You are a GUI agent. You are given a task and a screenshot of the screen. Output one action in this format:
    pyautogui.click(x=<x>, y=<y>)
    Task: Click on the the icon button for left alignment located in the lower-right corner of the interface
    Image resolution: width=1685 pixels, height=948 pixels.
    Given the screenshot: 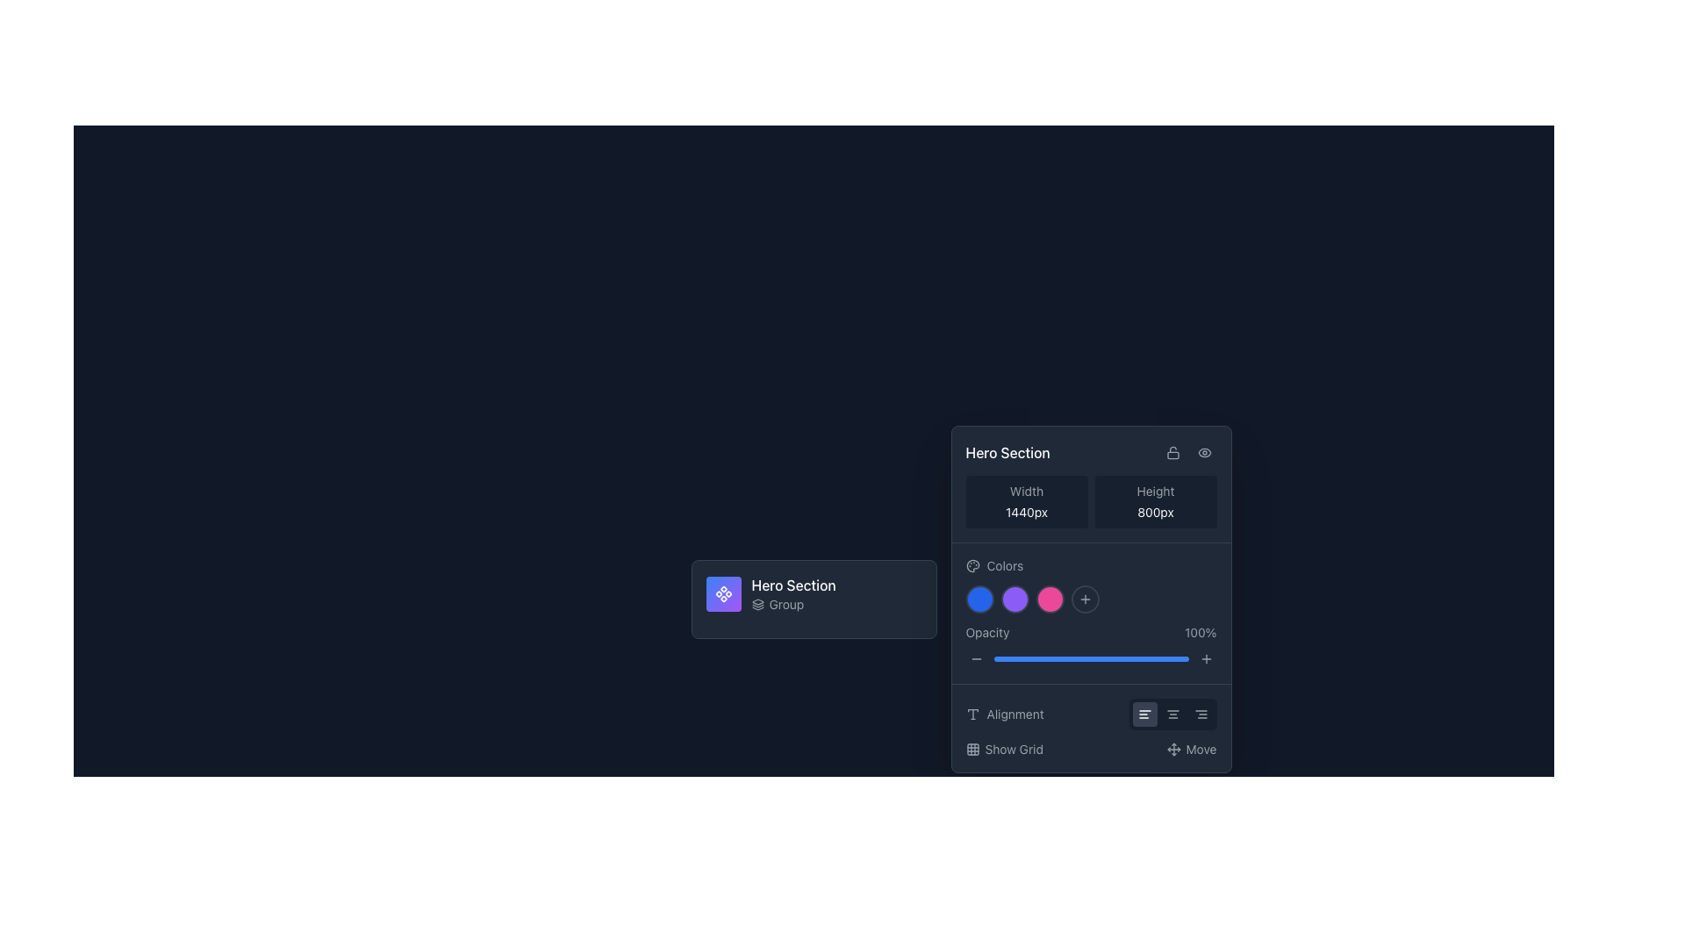 What is the action you would take?
    pyautogui.click(x=1144, y=714)
    